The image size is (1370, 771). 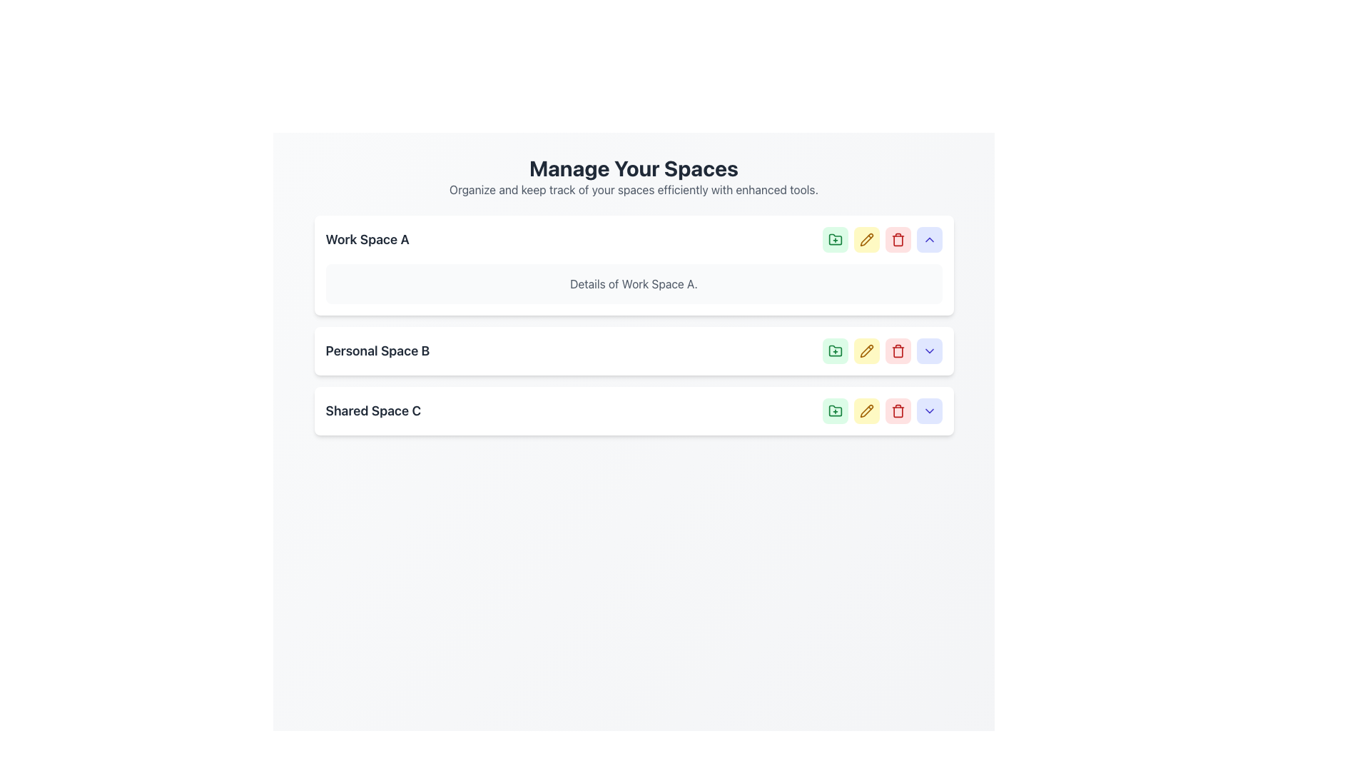 What do you see at coordinates (897, 238) in the screenshot?
I see `the red-toned rectangular delete button with a trash can icon located on the rightmost side of the button group for 'Work Space A'` at bounding box center [897, 238].